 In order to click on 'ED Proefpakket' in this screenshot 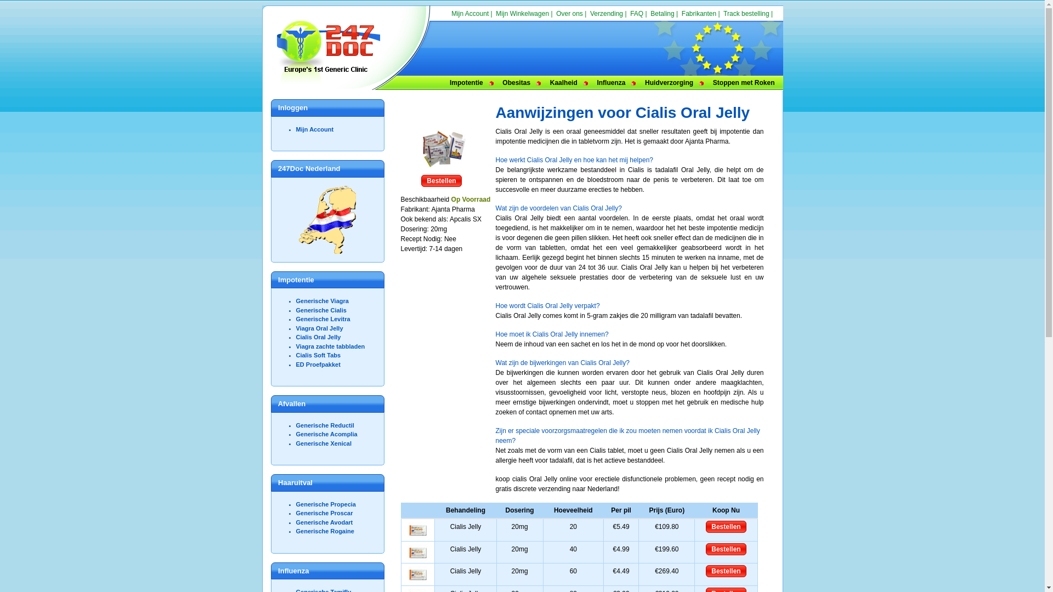, I will do `click(296, 363)`.